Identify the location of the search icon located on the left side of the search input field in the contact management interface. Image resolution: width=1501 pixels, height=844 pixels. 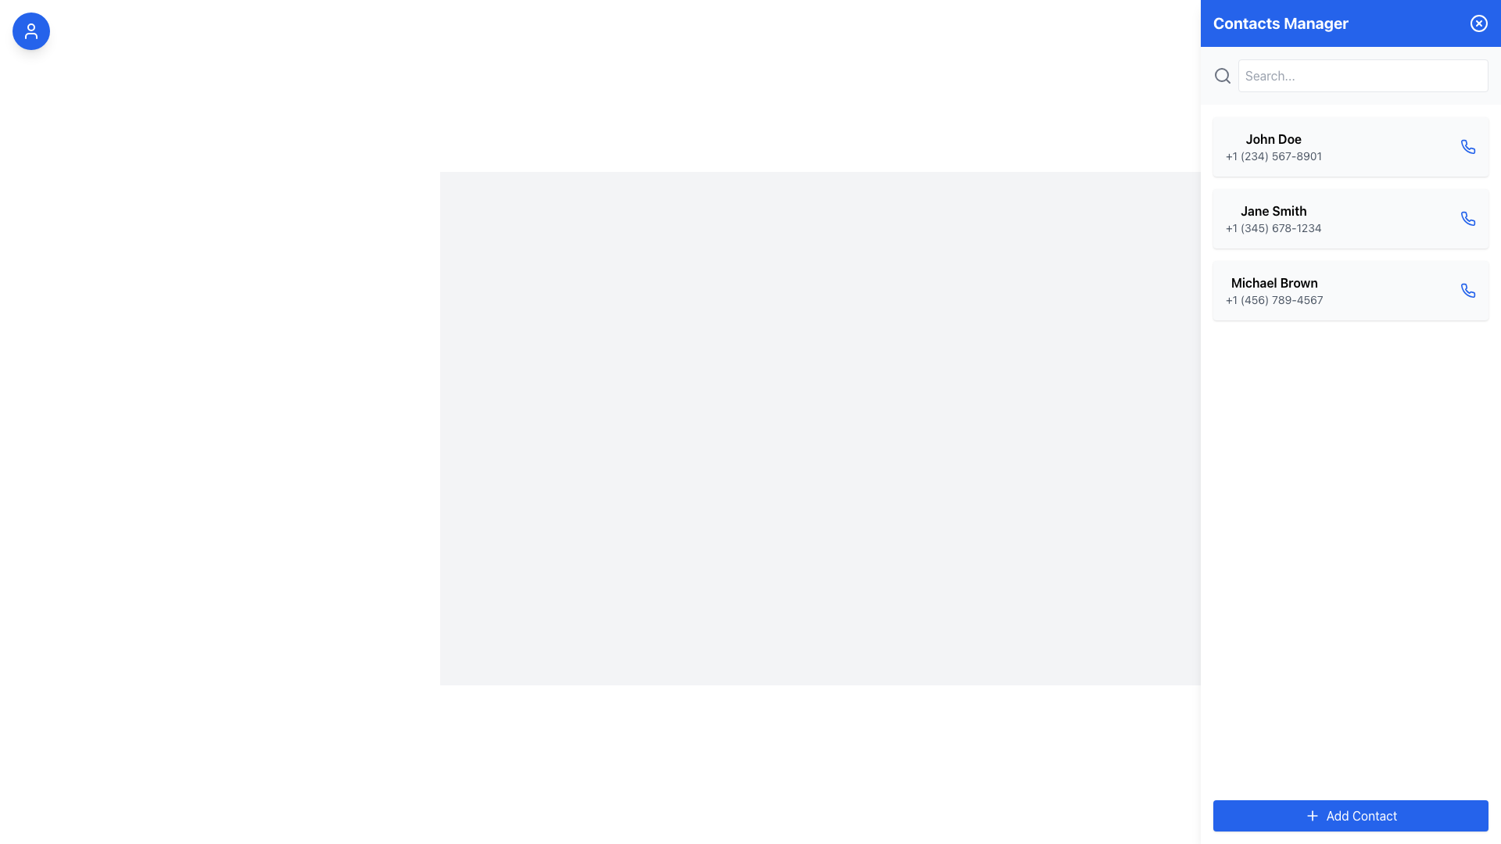
(1222, 75).